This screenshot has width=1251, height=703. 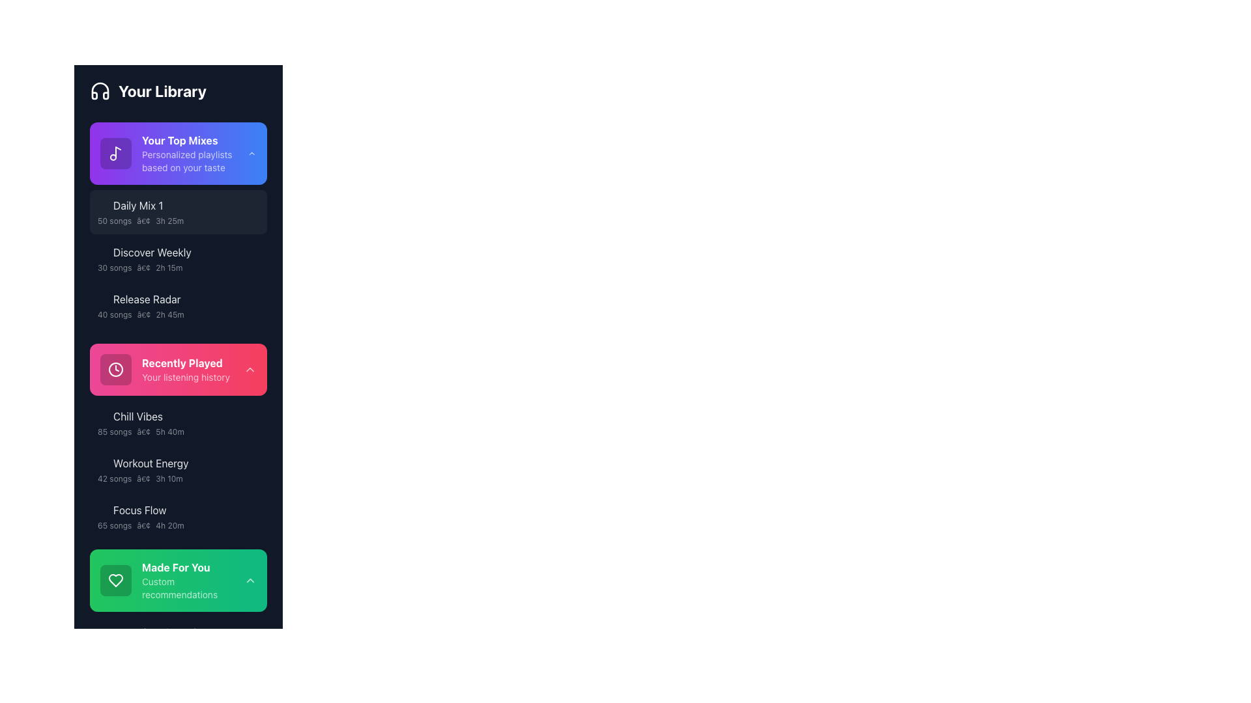 What do you see at coordinates (143, 268) in the screenshot?
I see `the bullet character ('•') positioned between '30 songs' and '2h 15m' in the 'Discover Weekly' section of 'Your Library'` at bounding box center [143, 268].